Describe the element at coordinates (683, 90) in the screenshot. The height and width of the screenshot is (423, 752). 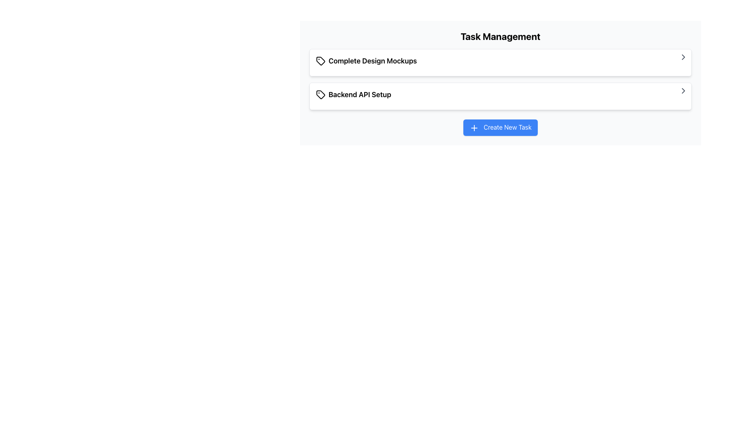
I see `the navigation icon located at the far right of the second task list item titled 'Backend API Setup'` at that location.